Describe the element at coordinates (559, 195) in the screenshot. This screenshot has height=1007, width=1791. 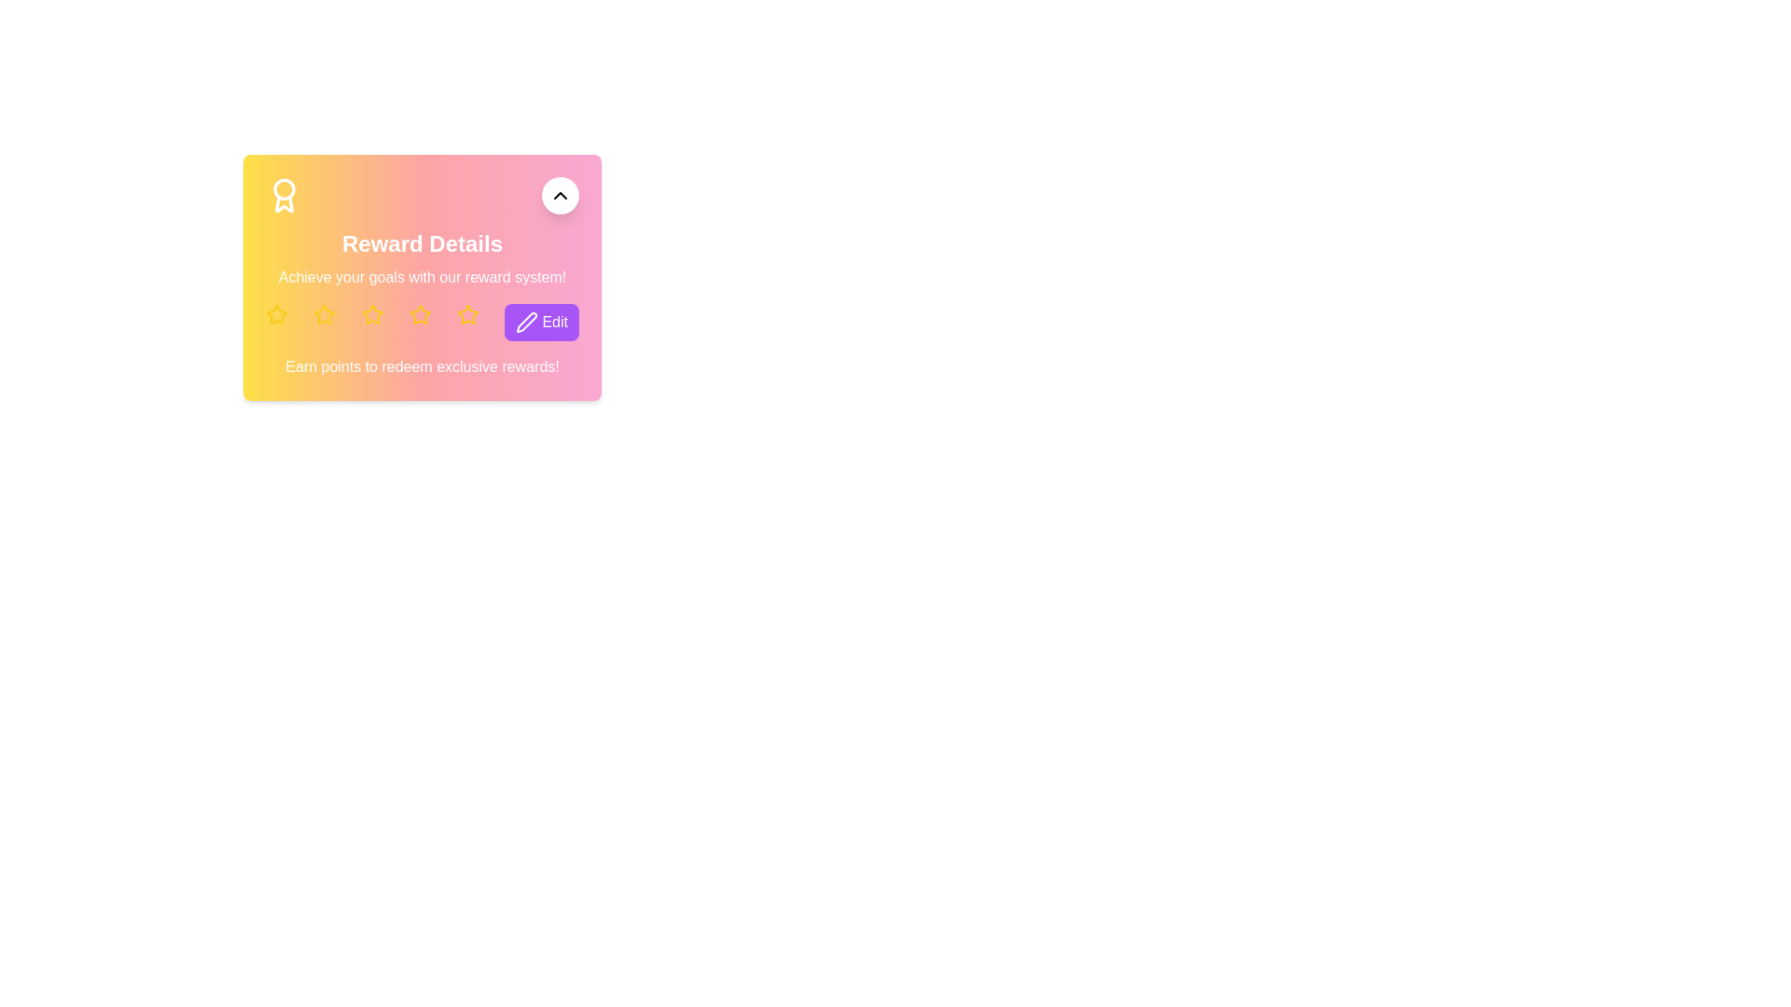
I see `the chevron icon located in the top-right corner of the pink gradient 'Reward Details' card` at that location.